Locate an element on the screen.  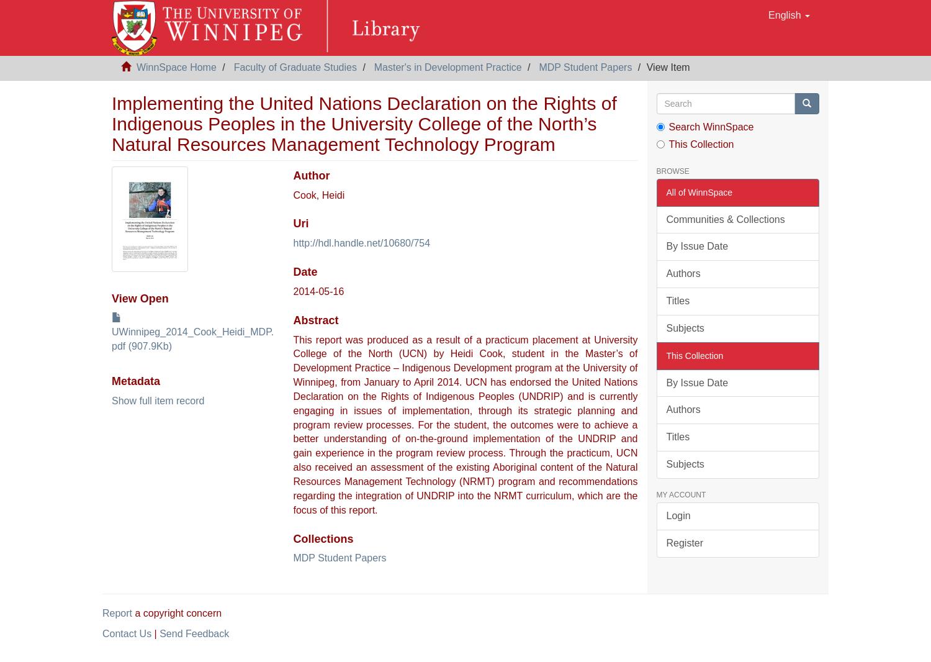
'Abstract' is located at coordinates (315, 319).